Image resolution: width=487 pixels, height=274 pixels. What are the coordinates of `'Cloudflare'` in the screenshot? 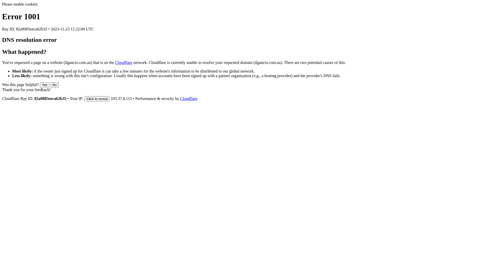 It's located at (188, 98).